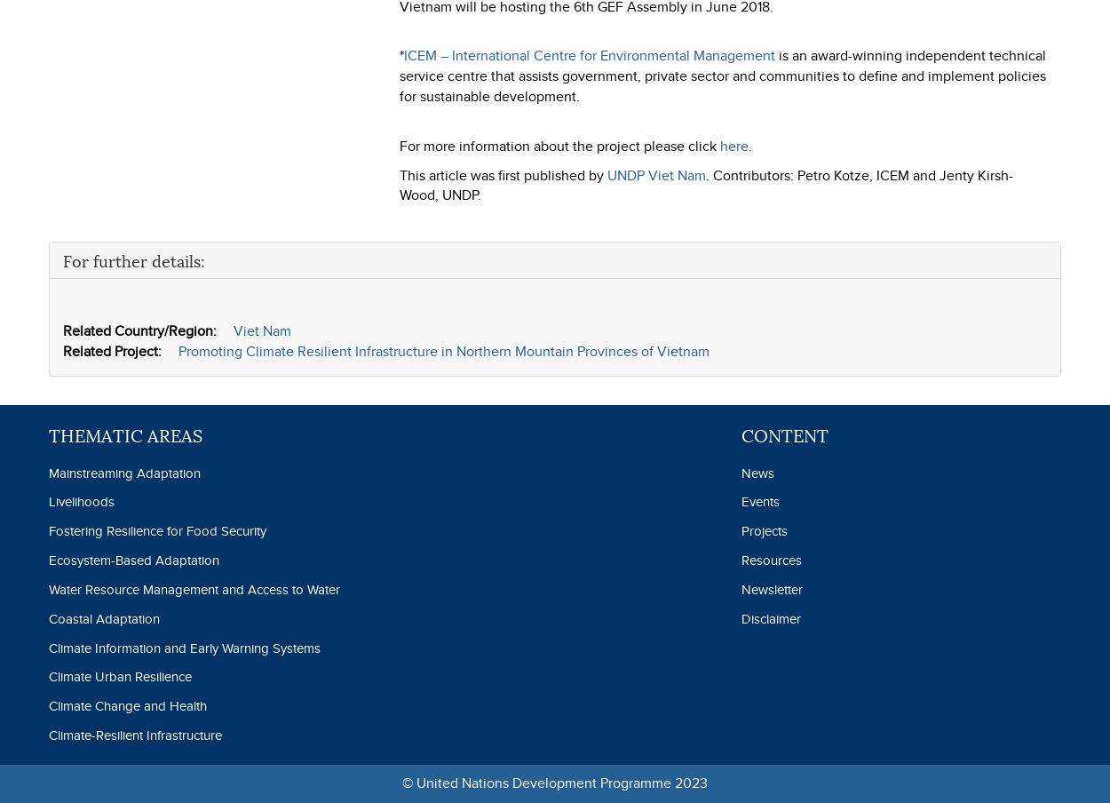 This screenshot has width=1110, height=803. What do you see at coordinates (120, 676) in the screenshot?
I see `'Climate Urban Resilience'` at bounding box center [120, 676].